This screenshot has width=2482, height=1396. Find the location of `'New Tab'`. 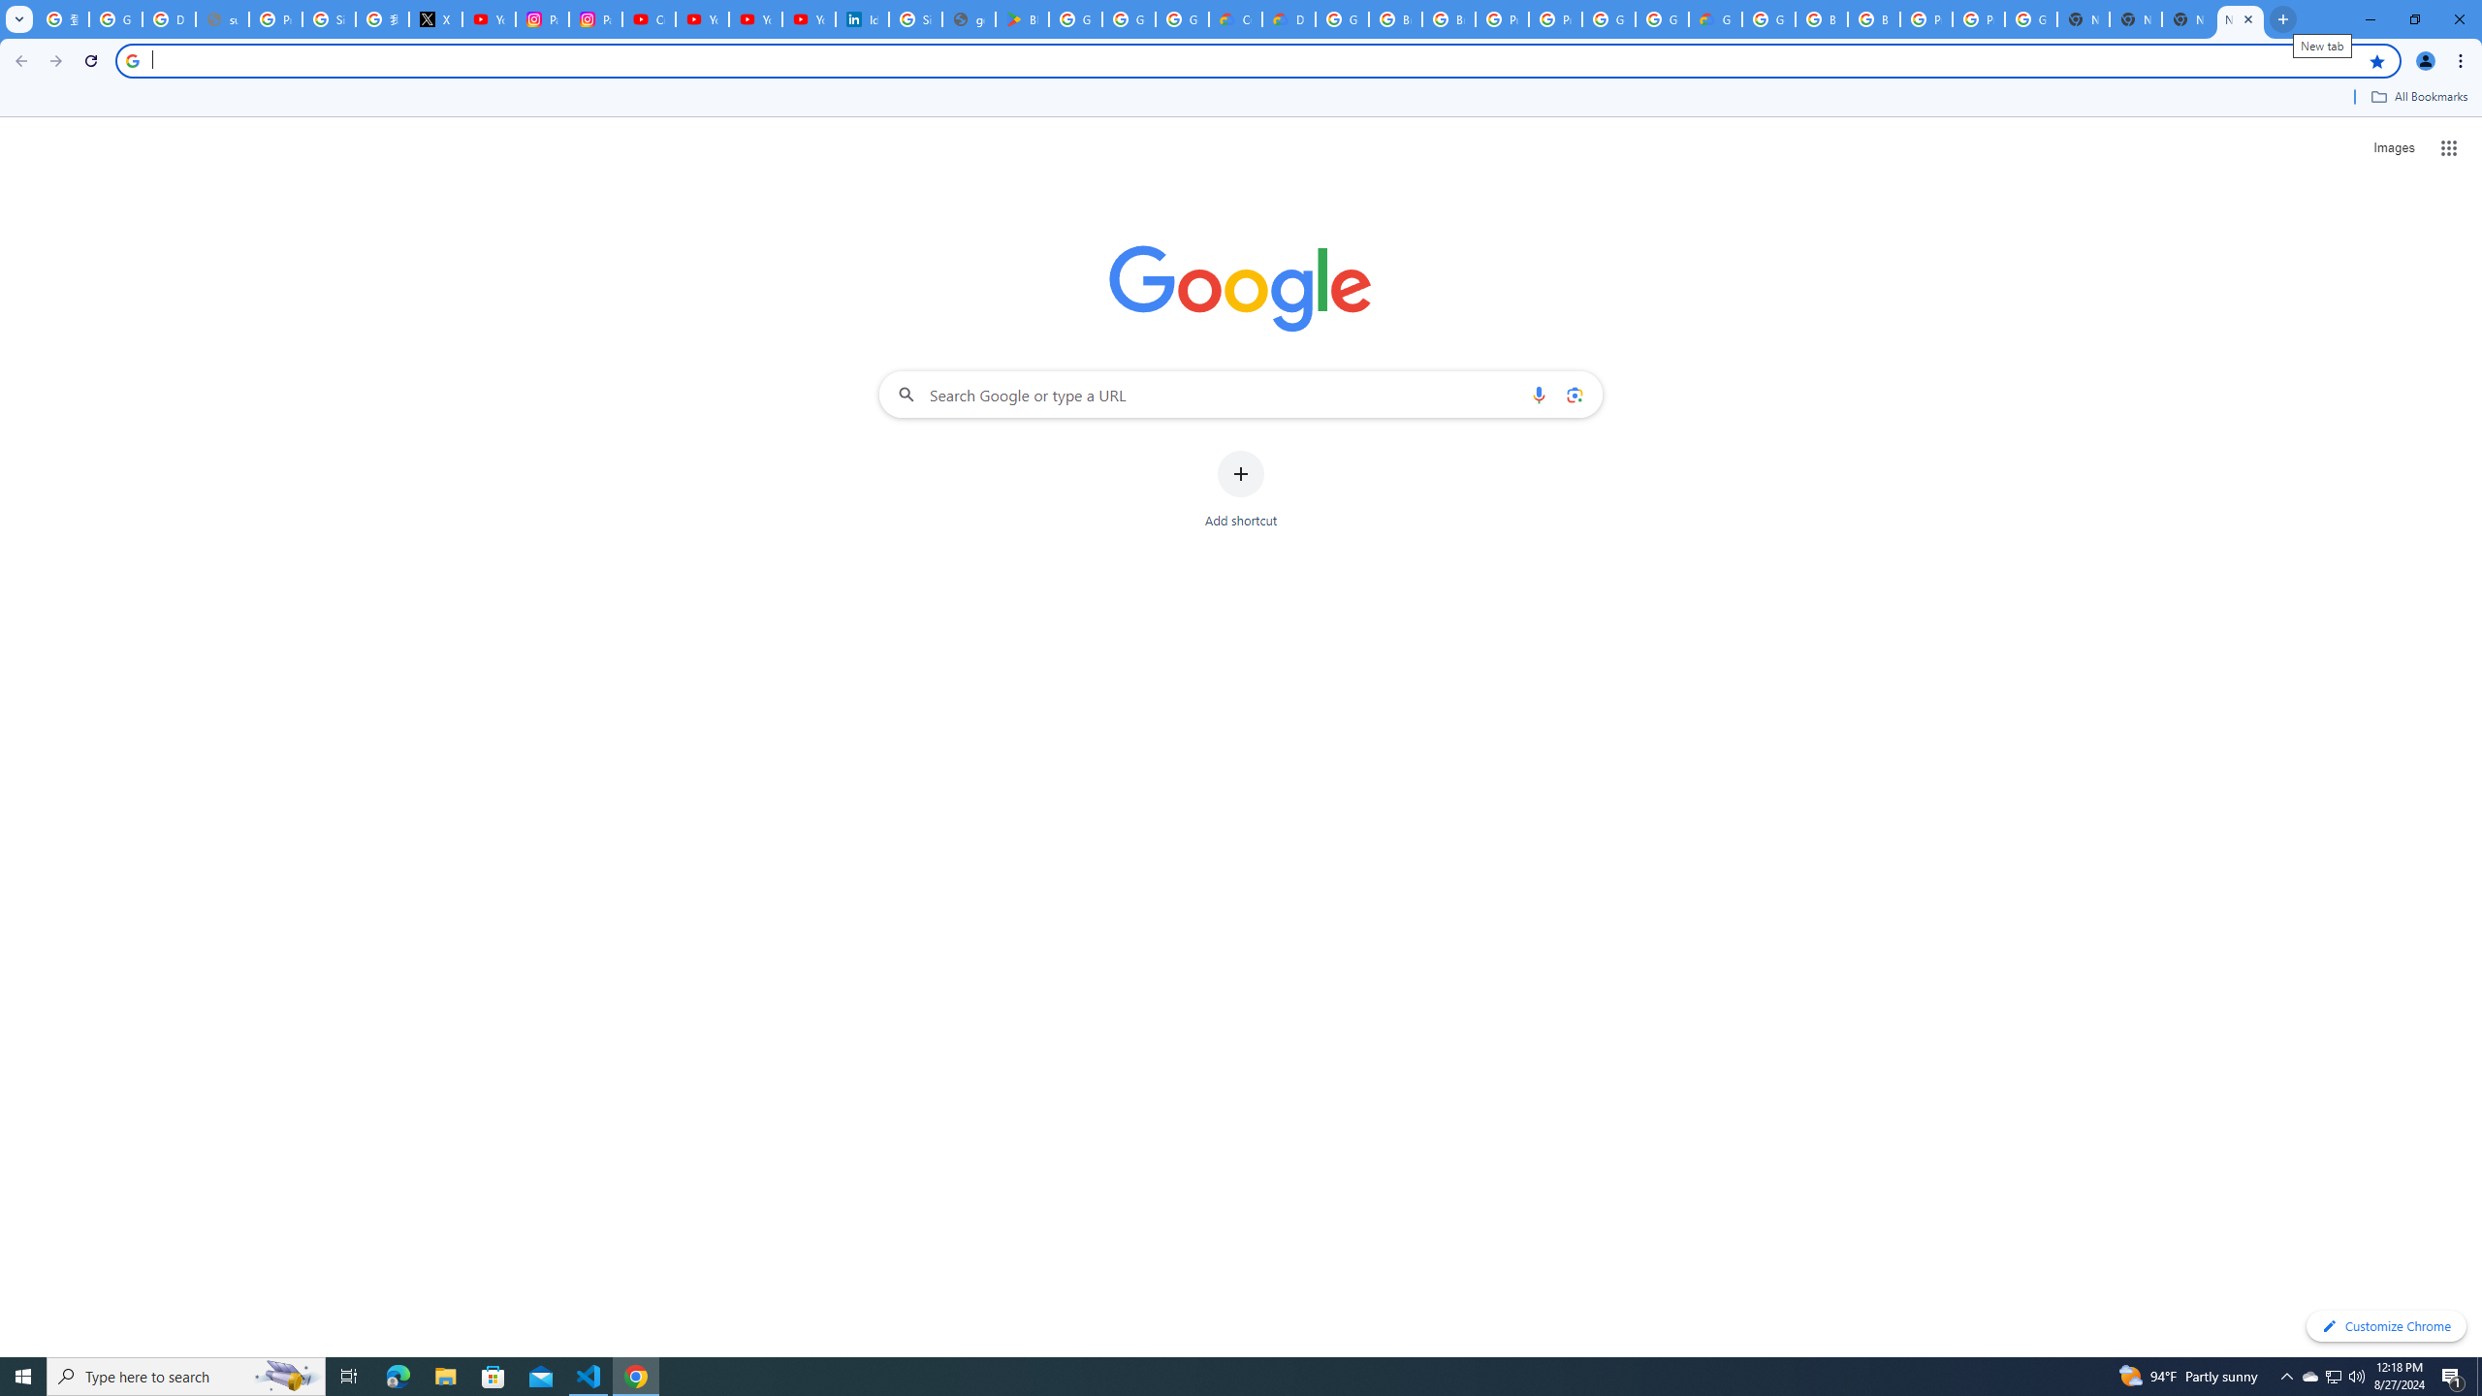

'New Tab' is located at coordinates (2134, 18).